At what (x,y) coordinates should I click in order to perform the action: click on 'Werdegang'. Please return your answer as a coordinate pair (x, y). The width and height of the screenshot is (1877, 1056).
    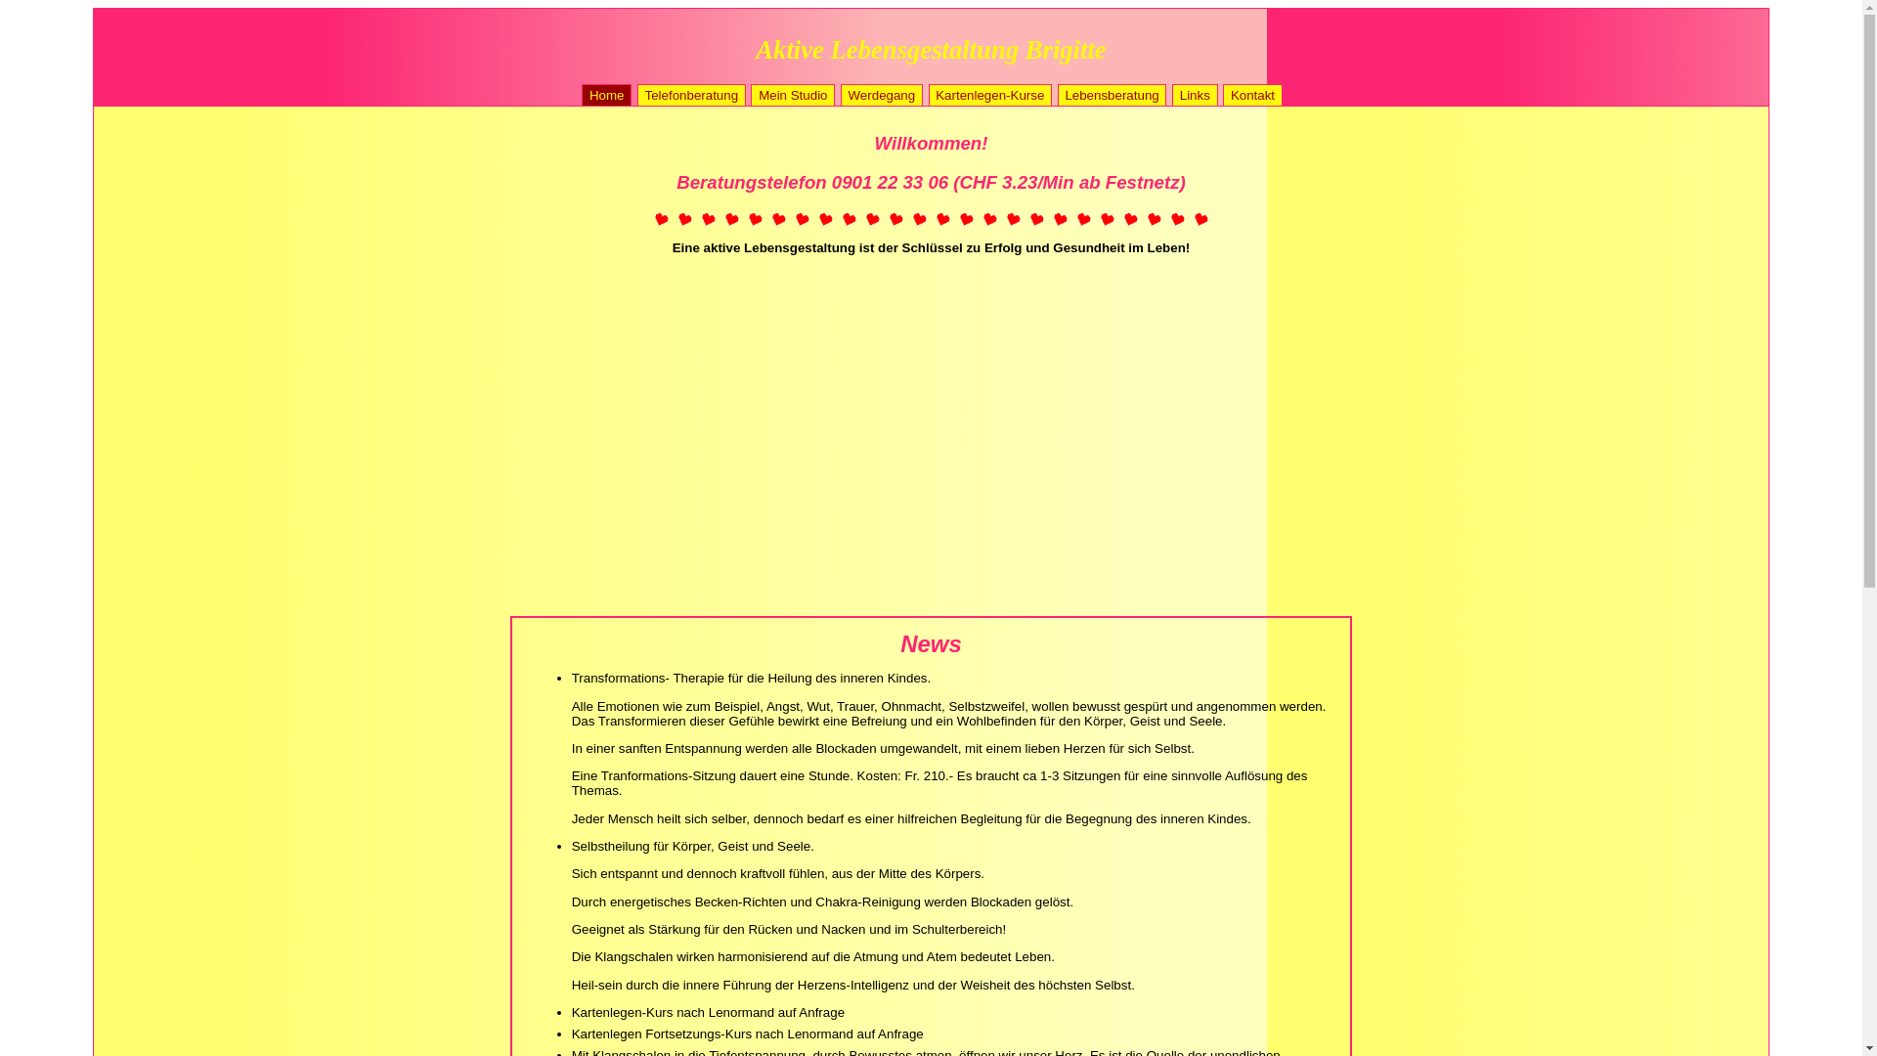
    Looking at the image, I should click on (881, 94).